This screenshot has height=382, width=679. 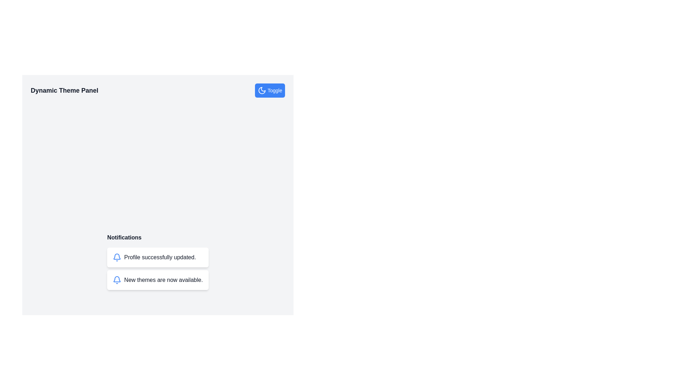 I want to click on the text label that serves as the title or header for the notification section, which is the first entry above individual notification messages, so click(x=124, y=237).